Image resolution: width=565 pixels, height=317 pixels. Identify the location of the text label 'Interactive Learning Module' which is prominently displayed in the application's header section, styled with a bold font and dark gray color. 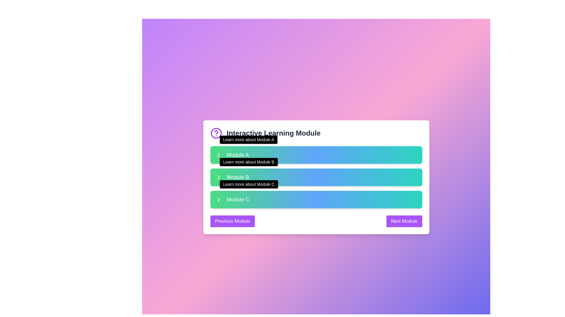
(273, 133).